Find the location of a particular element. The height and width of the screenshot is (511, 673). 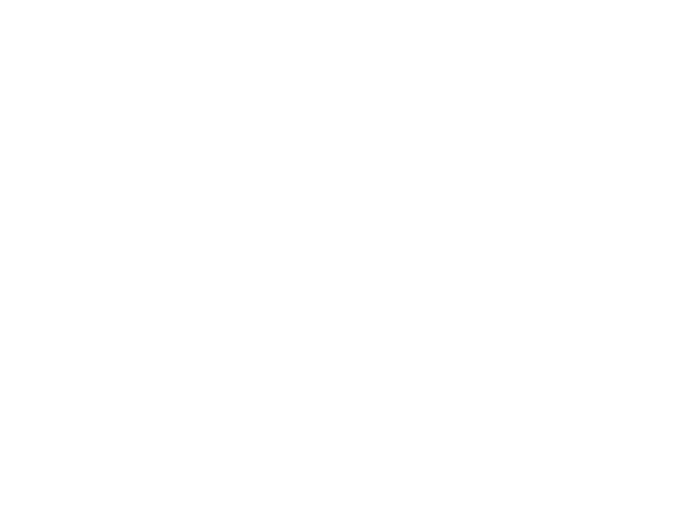

'Subject' is located at coordinates (102, 368).